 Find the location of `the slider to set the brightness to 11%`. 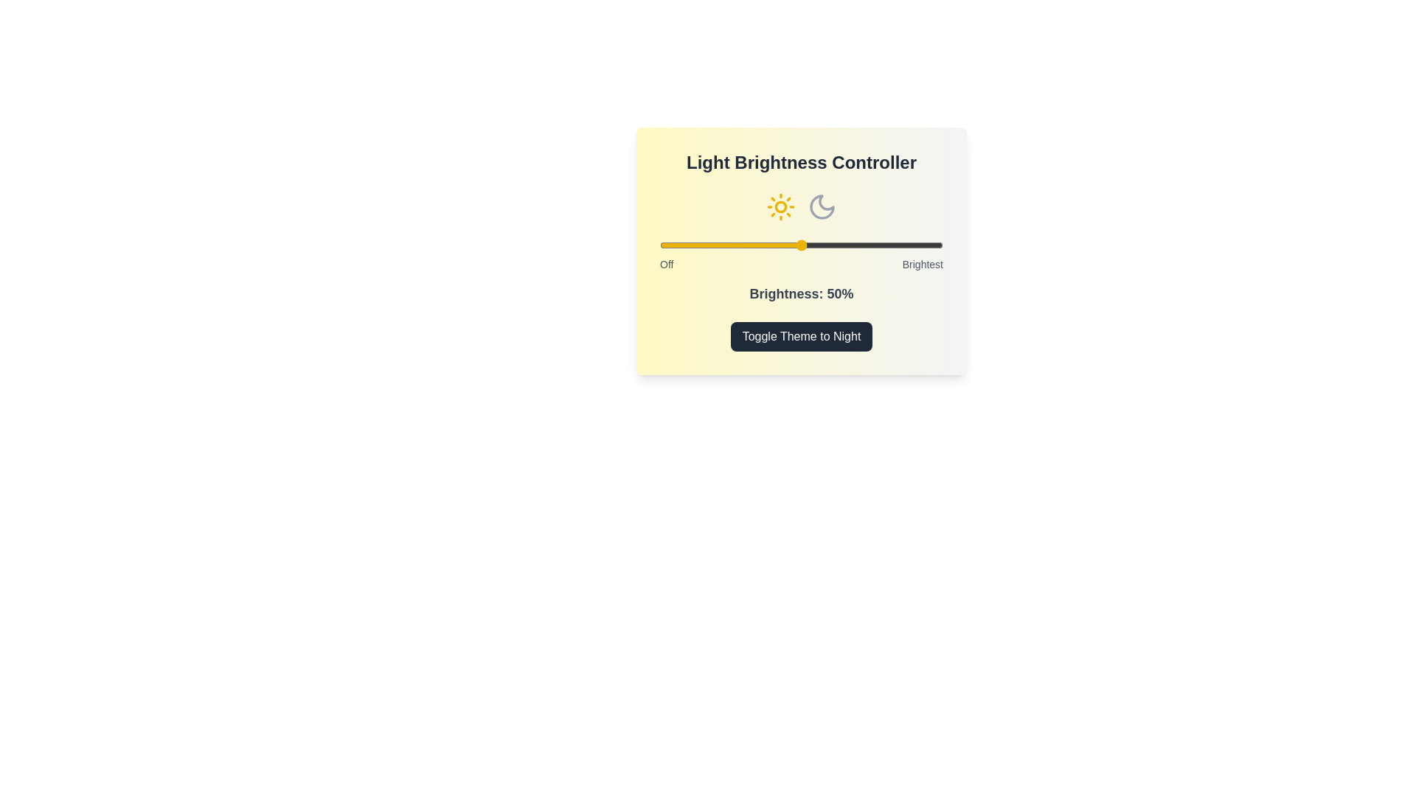

the slider to set the brightness to 11% is located at coordinates (690, 244).